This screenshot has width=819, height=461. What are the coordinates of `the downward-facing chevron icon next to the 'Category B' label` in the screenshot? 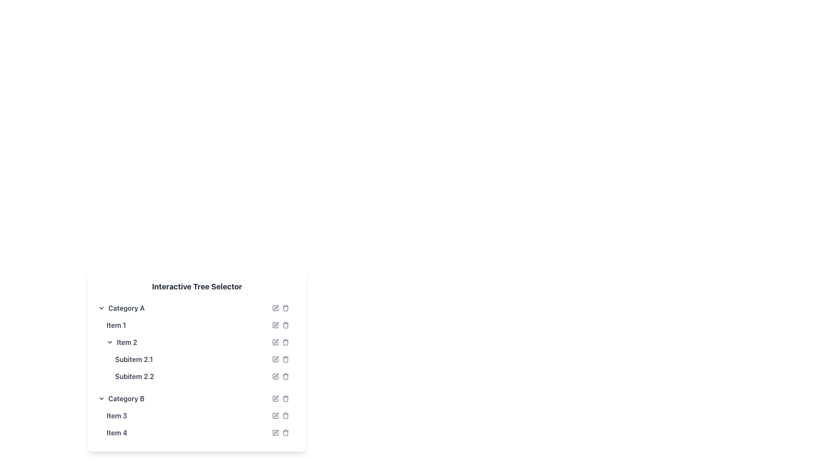 It's located at (102, 398).